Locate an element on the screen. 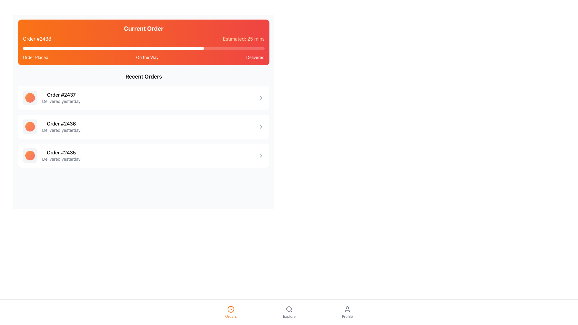 The width and height of the screenshot is (578, 325). the 'Orders' button located in the bottom menu bar, which features an orange clock icon and the label 'Orders' in small orange text is located at coordinates (231, 312).